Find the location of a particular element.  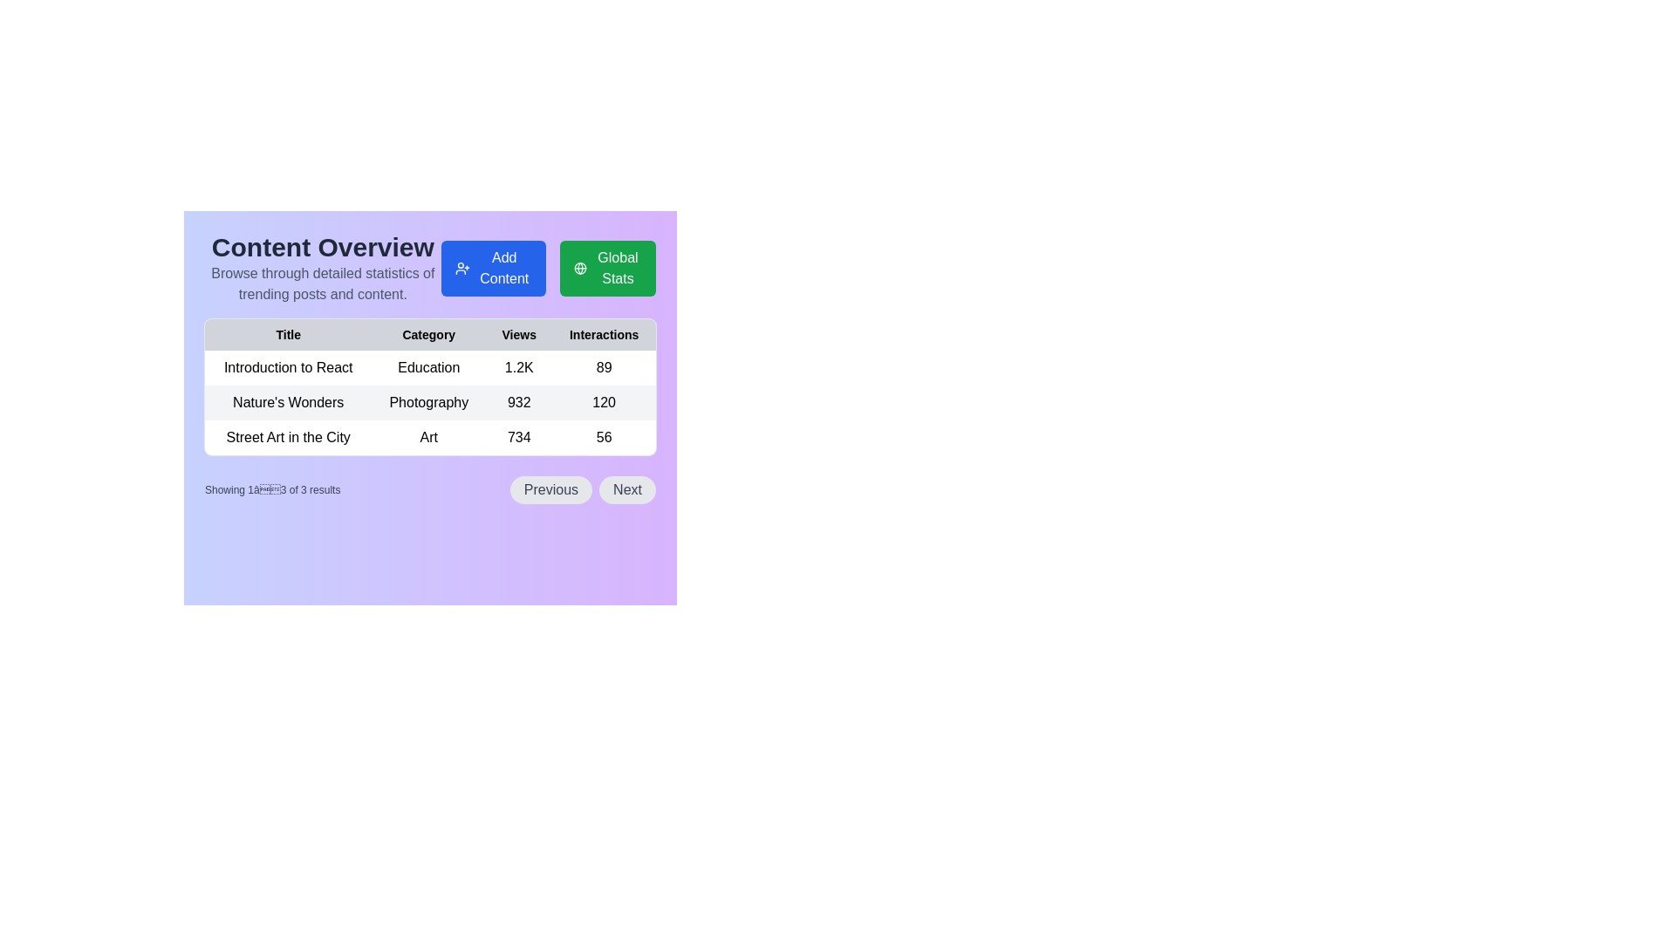

the green rectangular button labeled 'Global Stats' with a globe icon on the left is located at coordinates (607, 269).